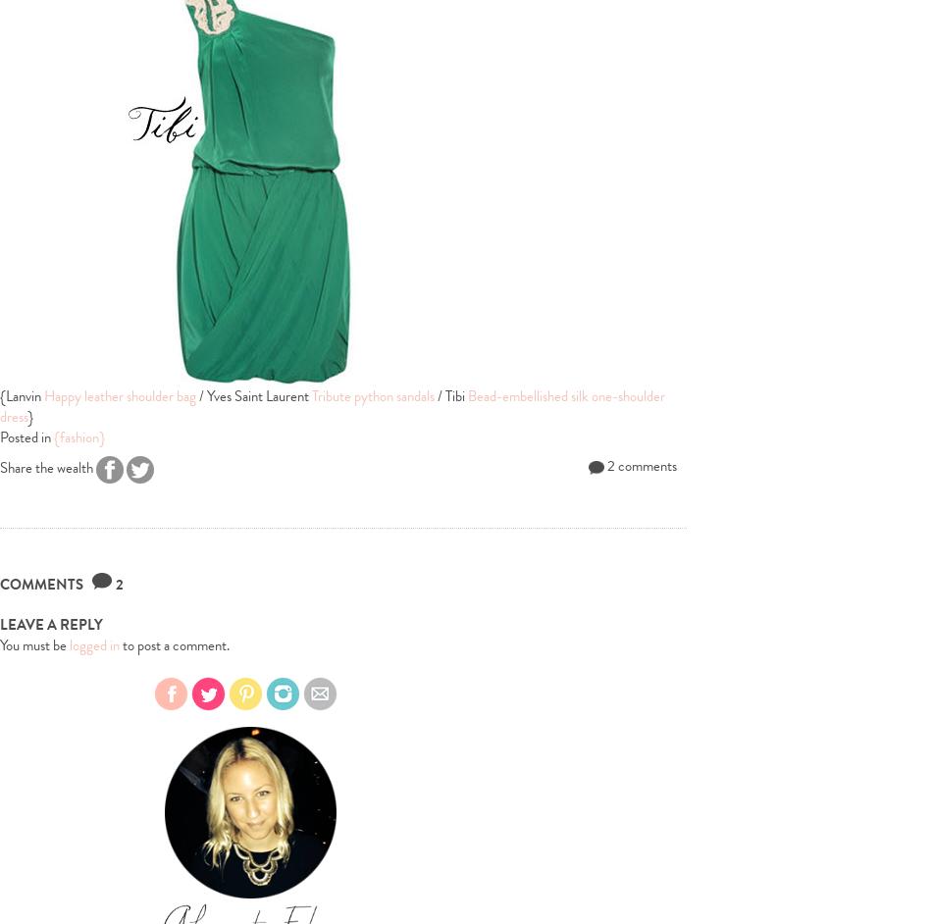 The width and height of the screenshot is (932, 924). Describe the element at coordinates (46, 585) in the screenshot. I see `'COMMENTS'` at that location.